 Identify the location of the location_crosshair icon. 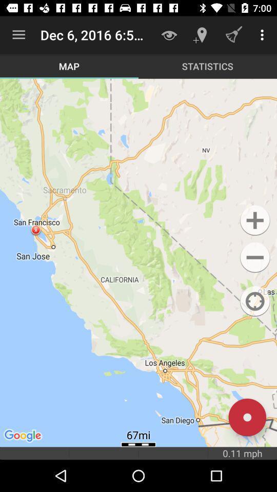
(254, 301).